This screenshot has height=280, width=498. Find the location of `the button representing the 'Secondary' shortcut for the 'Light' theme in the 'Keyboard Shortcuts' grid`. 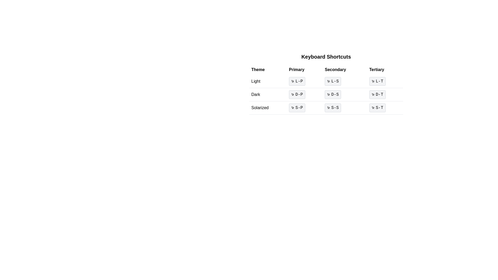

the button representing the 'Secondary' shortcut for the 'Light' theme in the 'Keyboard Shortcuts' grid is located at coordinates (333, 81).